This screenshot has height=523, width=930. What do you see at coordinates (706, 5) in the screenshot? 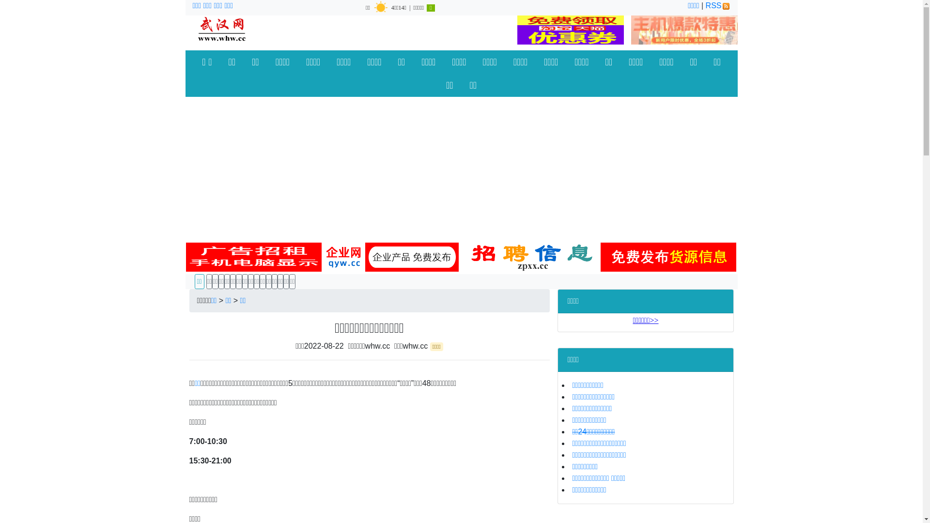
I see `'RSS'` at bounding box center [706, 5].